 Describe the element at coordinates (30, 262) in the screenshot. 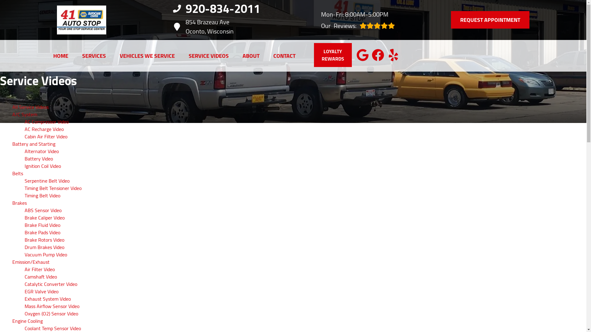

I see `'Emission/Exhaust'` at that location.